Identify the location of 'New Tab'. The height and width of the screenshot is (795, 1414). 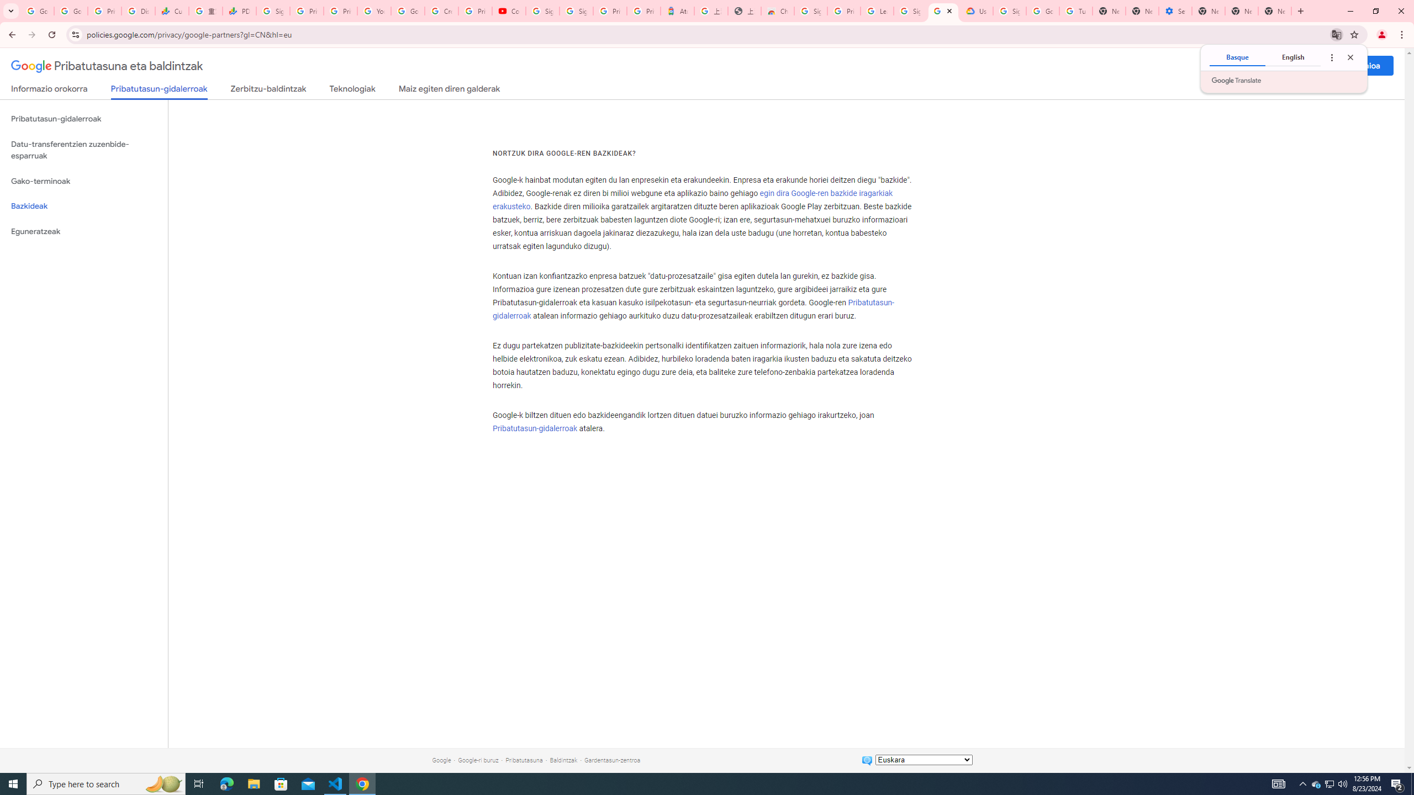
(1207, 10).